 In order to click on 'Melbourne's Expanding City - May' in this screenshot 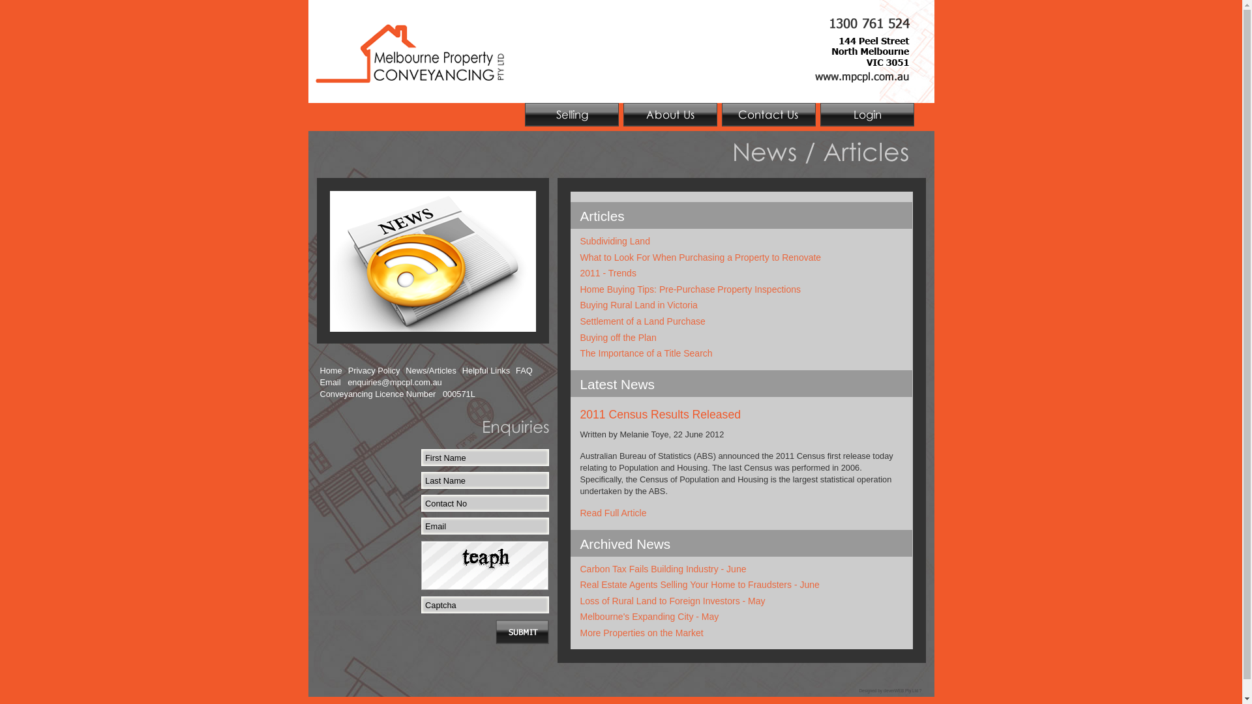, I will do `click(579, 616)`.